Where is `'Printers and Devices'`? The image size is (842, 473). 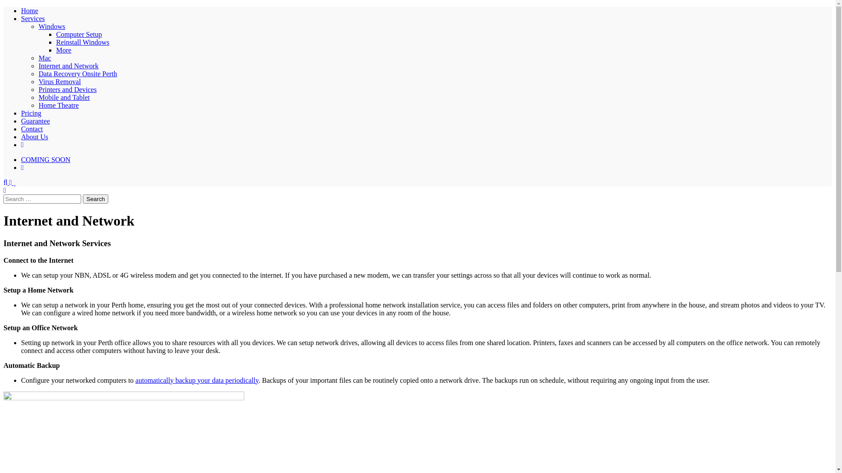
'Printers and Devices' is located at coordinates (38, 89).